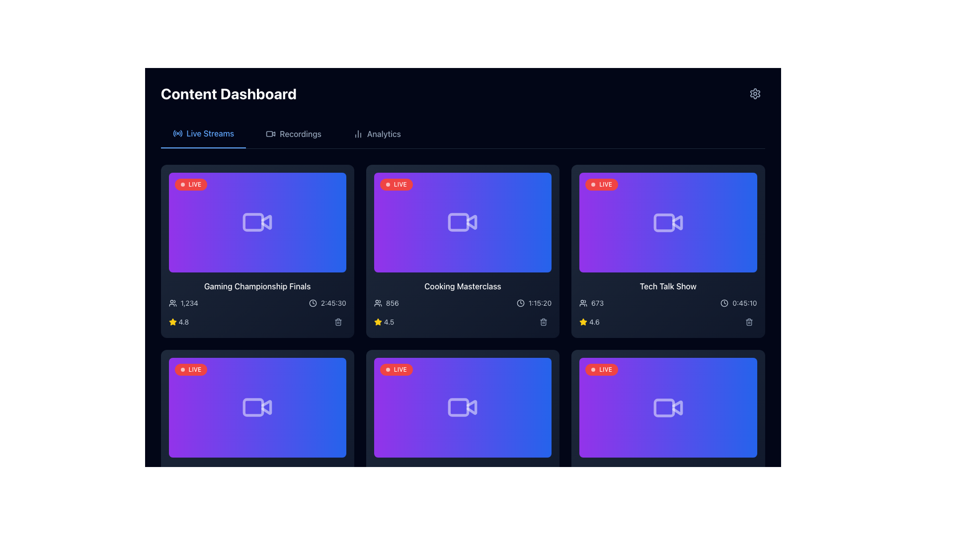 The width and height of the screenshot is (954, 536). Describe the element at coordinates (338, 322) in the screenshot. I see `the delete icon button located in the lower right corner of the video card, positioned under the duration information and to the right of the rating star` at that location.